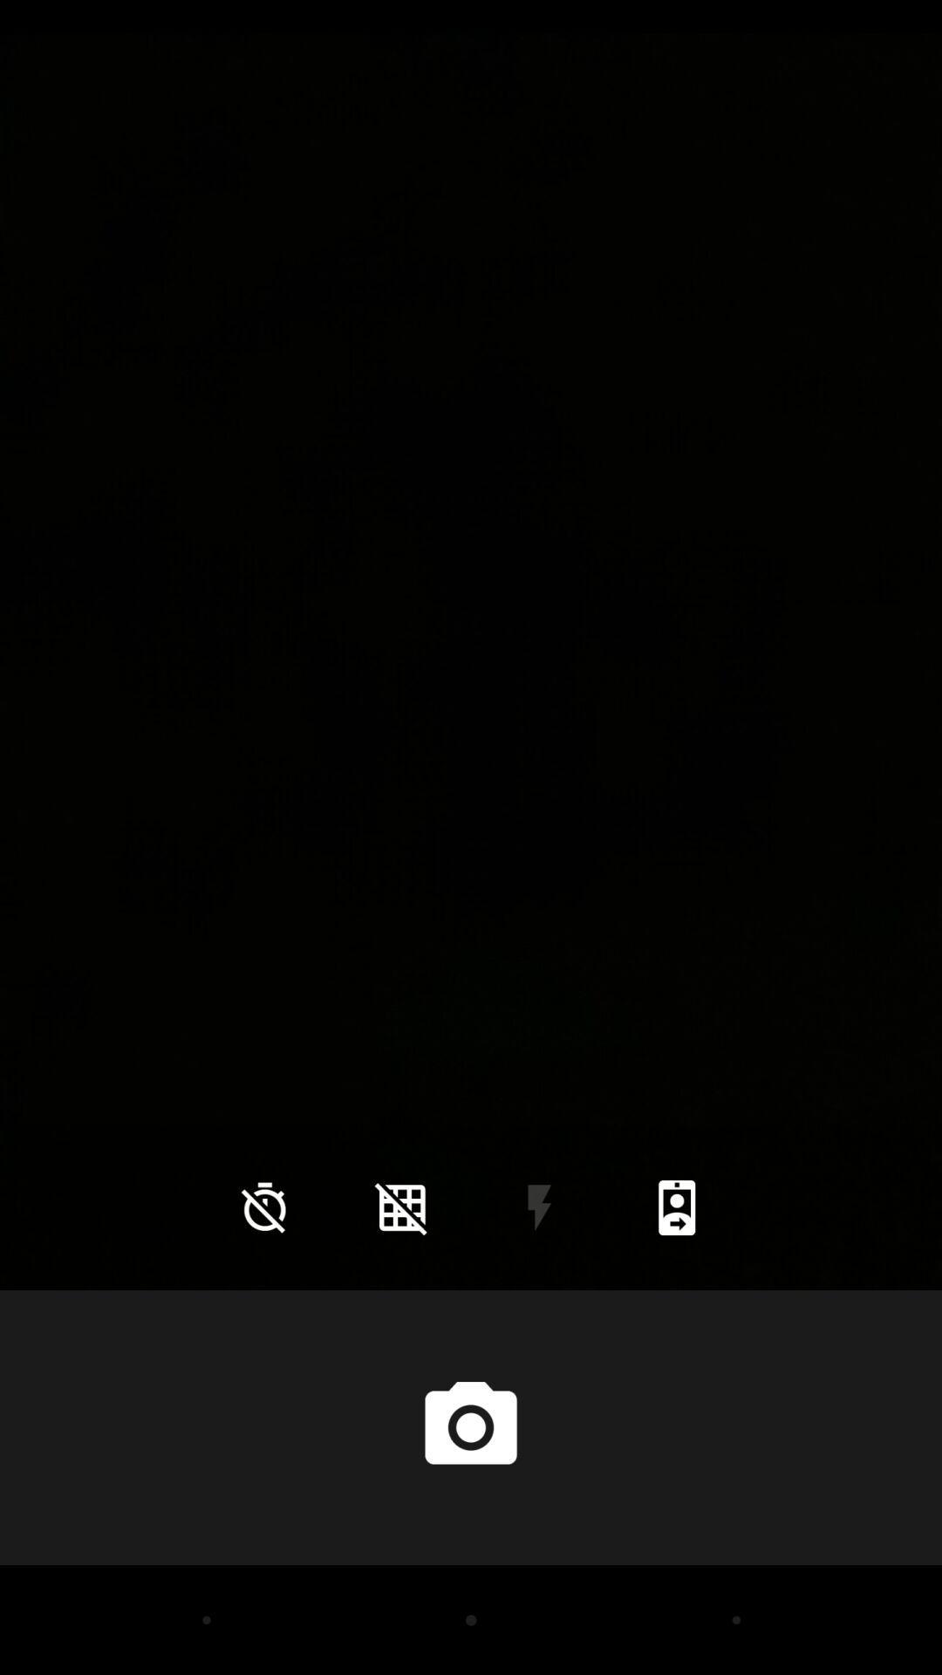 This screenshot has width=942, height=1675. What do you see at coordinates (538, 1207) in the screenshot?
I see `the flash icon` at bounding box center [538, 1207].